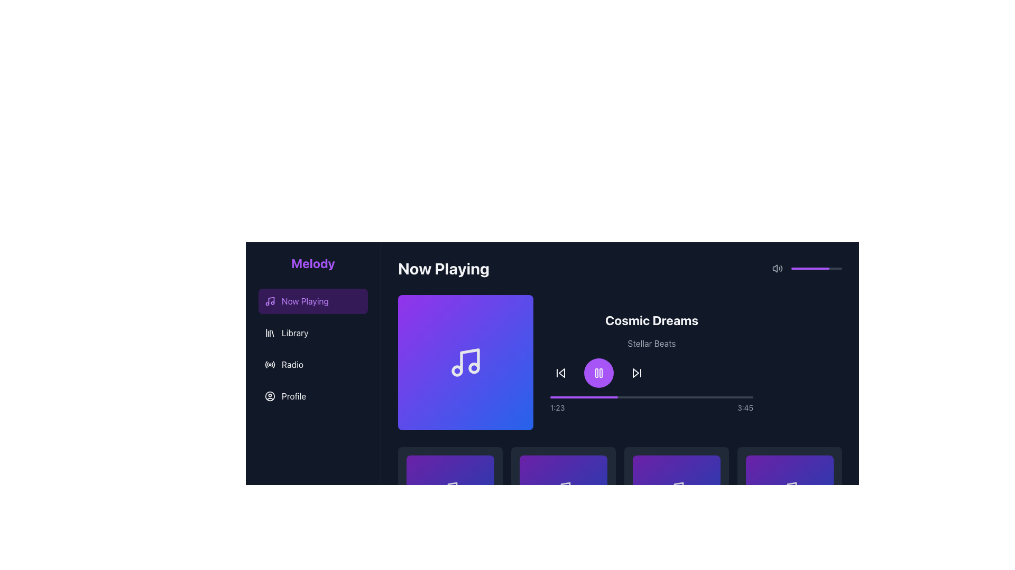 The height and width of the screenshot is (570, 1015). I want to click on the slider, so click(804, 268).